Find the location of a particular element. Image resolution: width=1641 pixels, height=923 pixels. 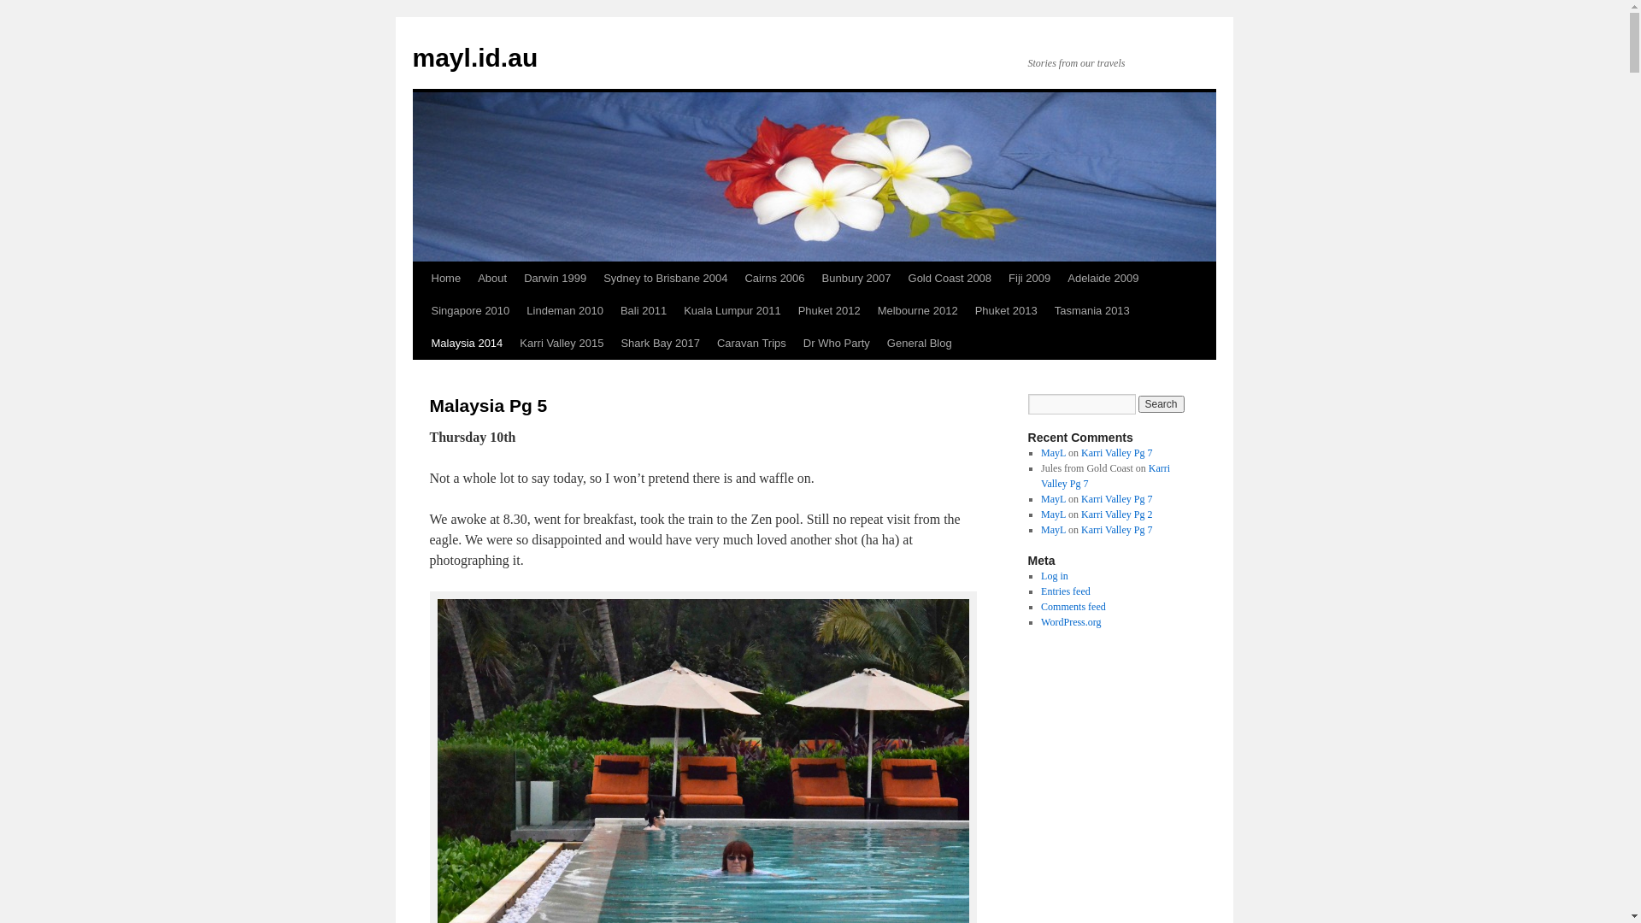

'Bali 2011' is located at coordinates (643, 310).